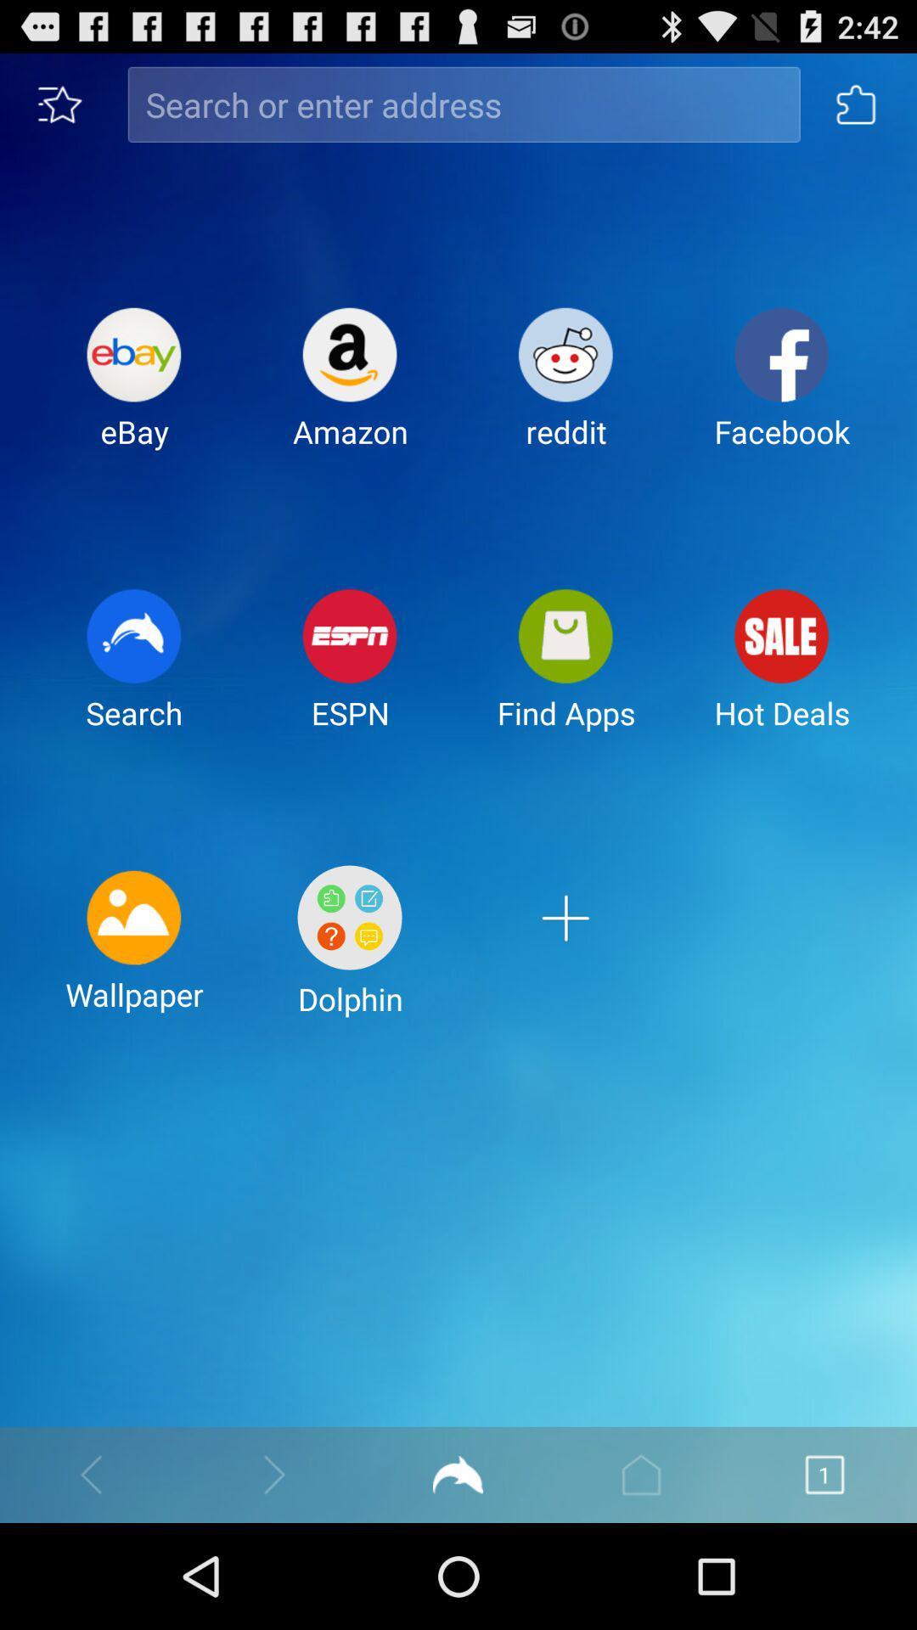 The height and width of the screenshot is (1630, 917). What do you see at coordinates (349, 672) in the screenshot?
I see `item to the right of search item` at bounding box center [349, 672].